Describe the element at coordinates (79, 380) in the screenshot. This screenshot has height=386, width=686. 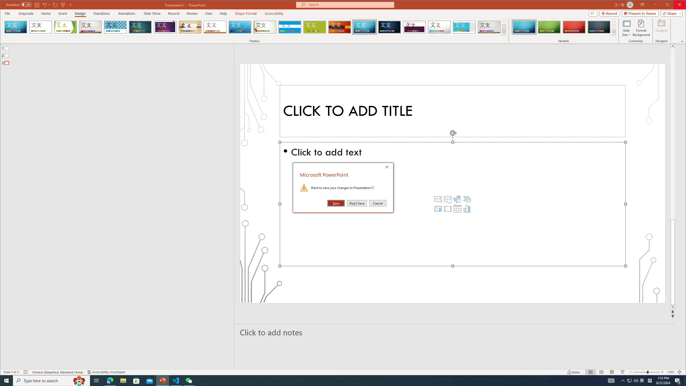
I see `'Search highlights icon opens search home window'` at that location.